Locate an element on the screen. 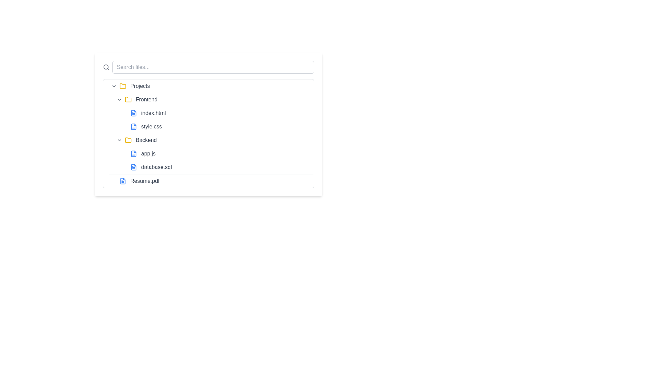  the 'Frontend' file directory listing in the Projects section is located at coordinates (214, 113).